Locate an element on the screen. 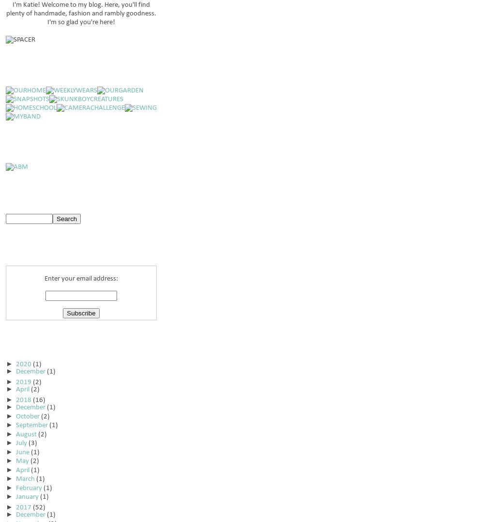  'Enter your email address:' is located at coordinates (81, 278).